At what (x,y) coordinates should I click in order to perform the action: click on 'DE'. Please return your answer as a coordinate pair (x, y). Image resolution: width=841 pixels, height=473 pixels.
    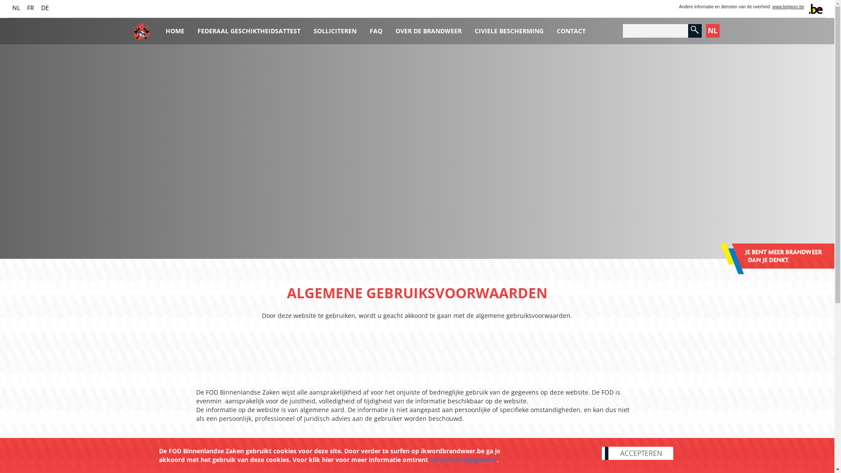
    Looking at the image, I should click on (41, 7).